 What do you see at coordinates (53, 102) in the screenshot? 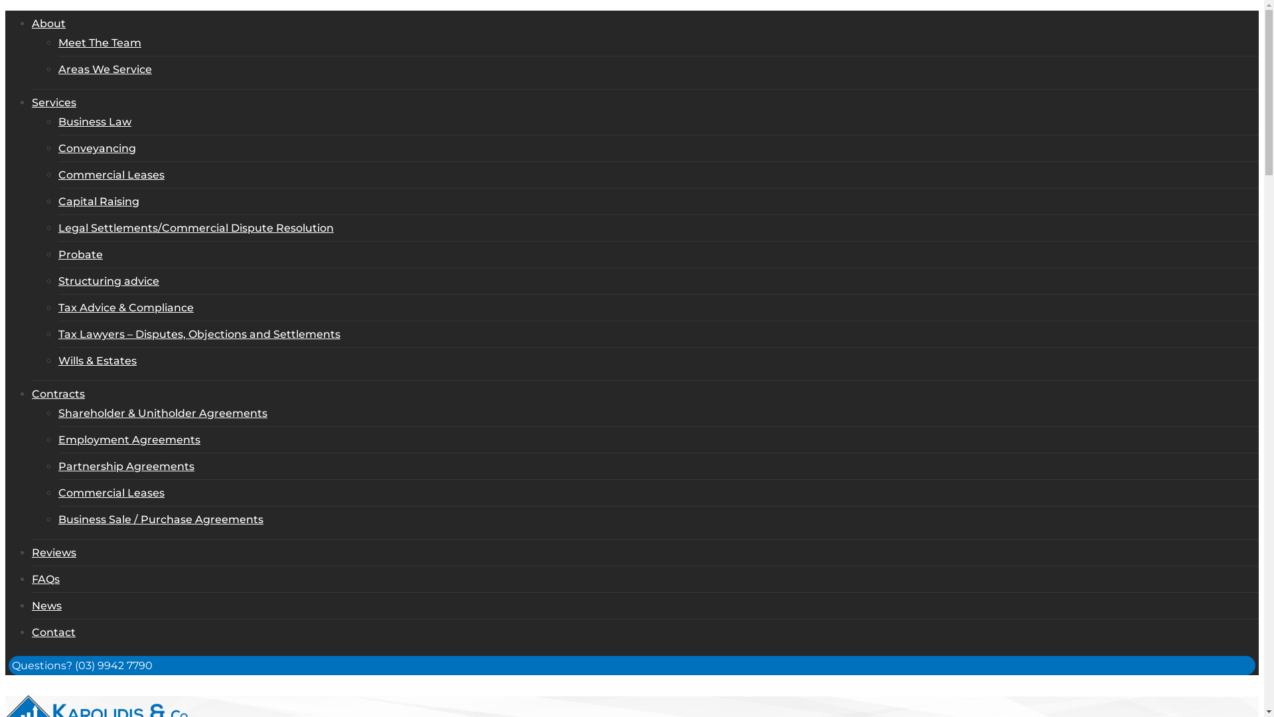
I see `'Services'` at bounding box center [53, 102].